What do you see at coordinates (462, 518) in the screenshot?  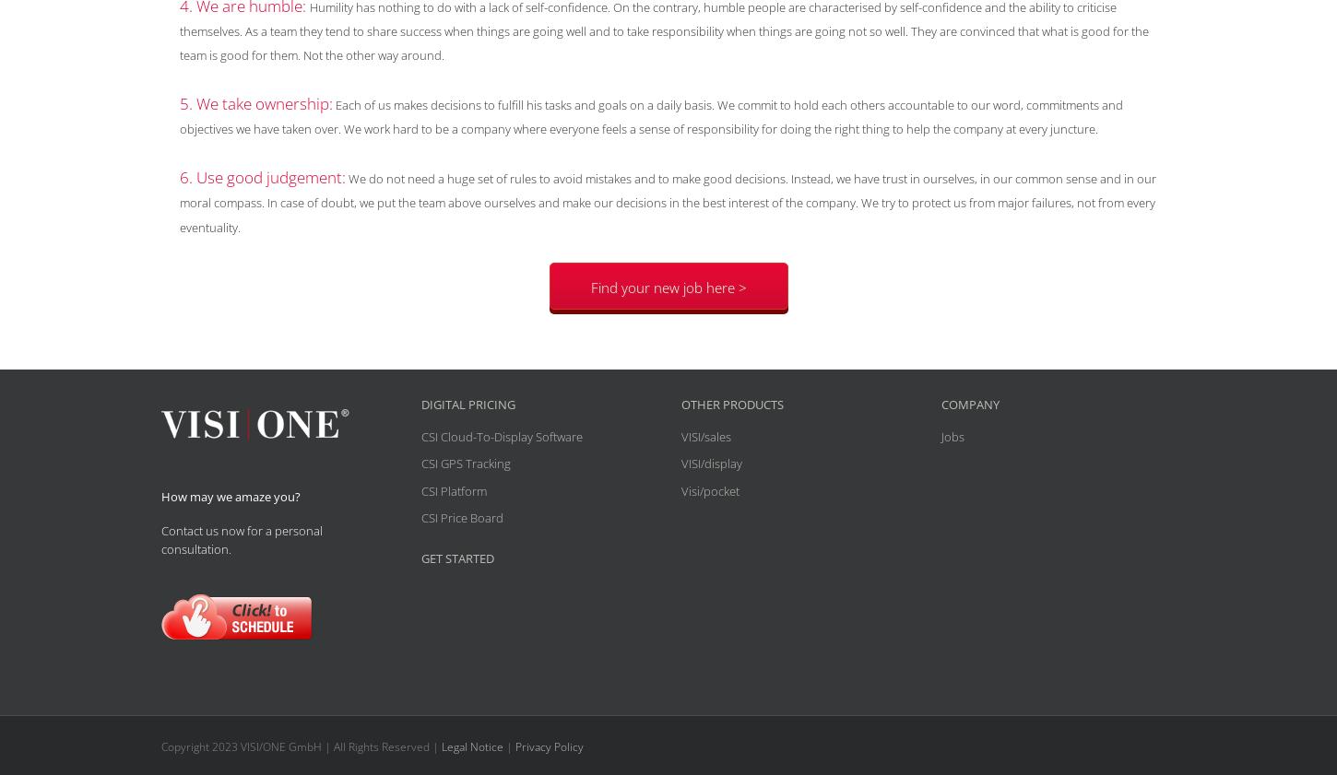 I see `'CSI Price Board'` at bounding box center [462, 518].